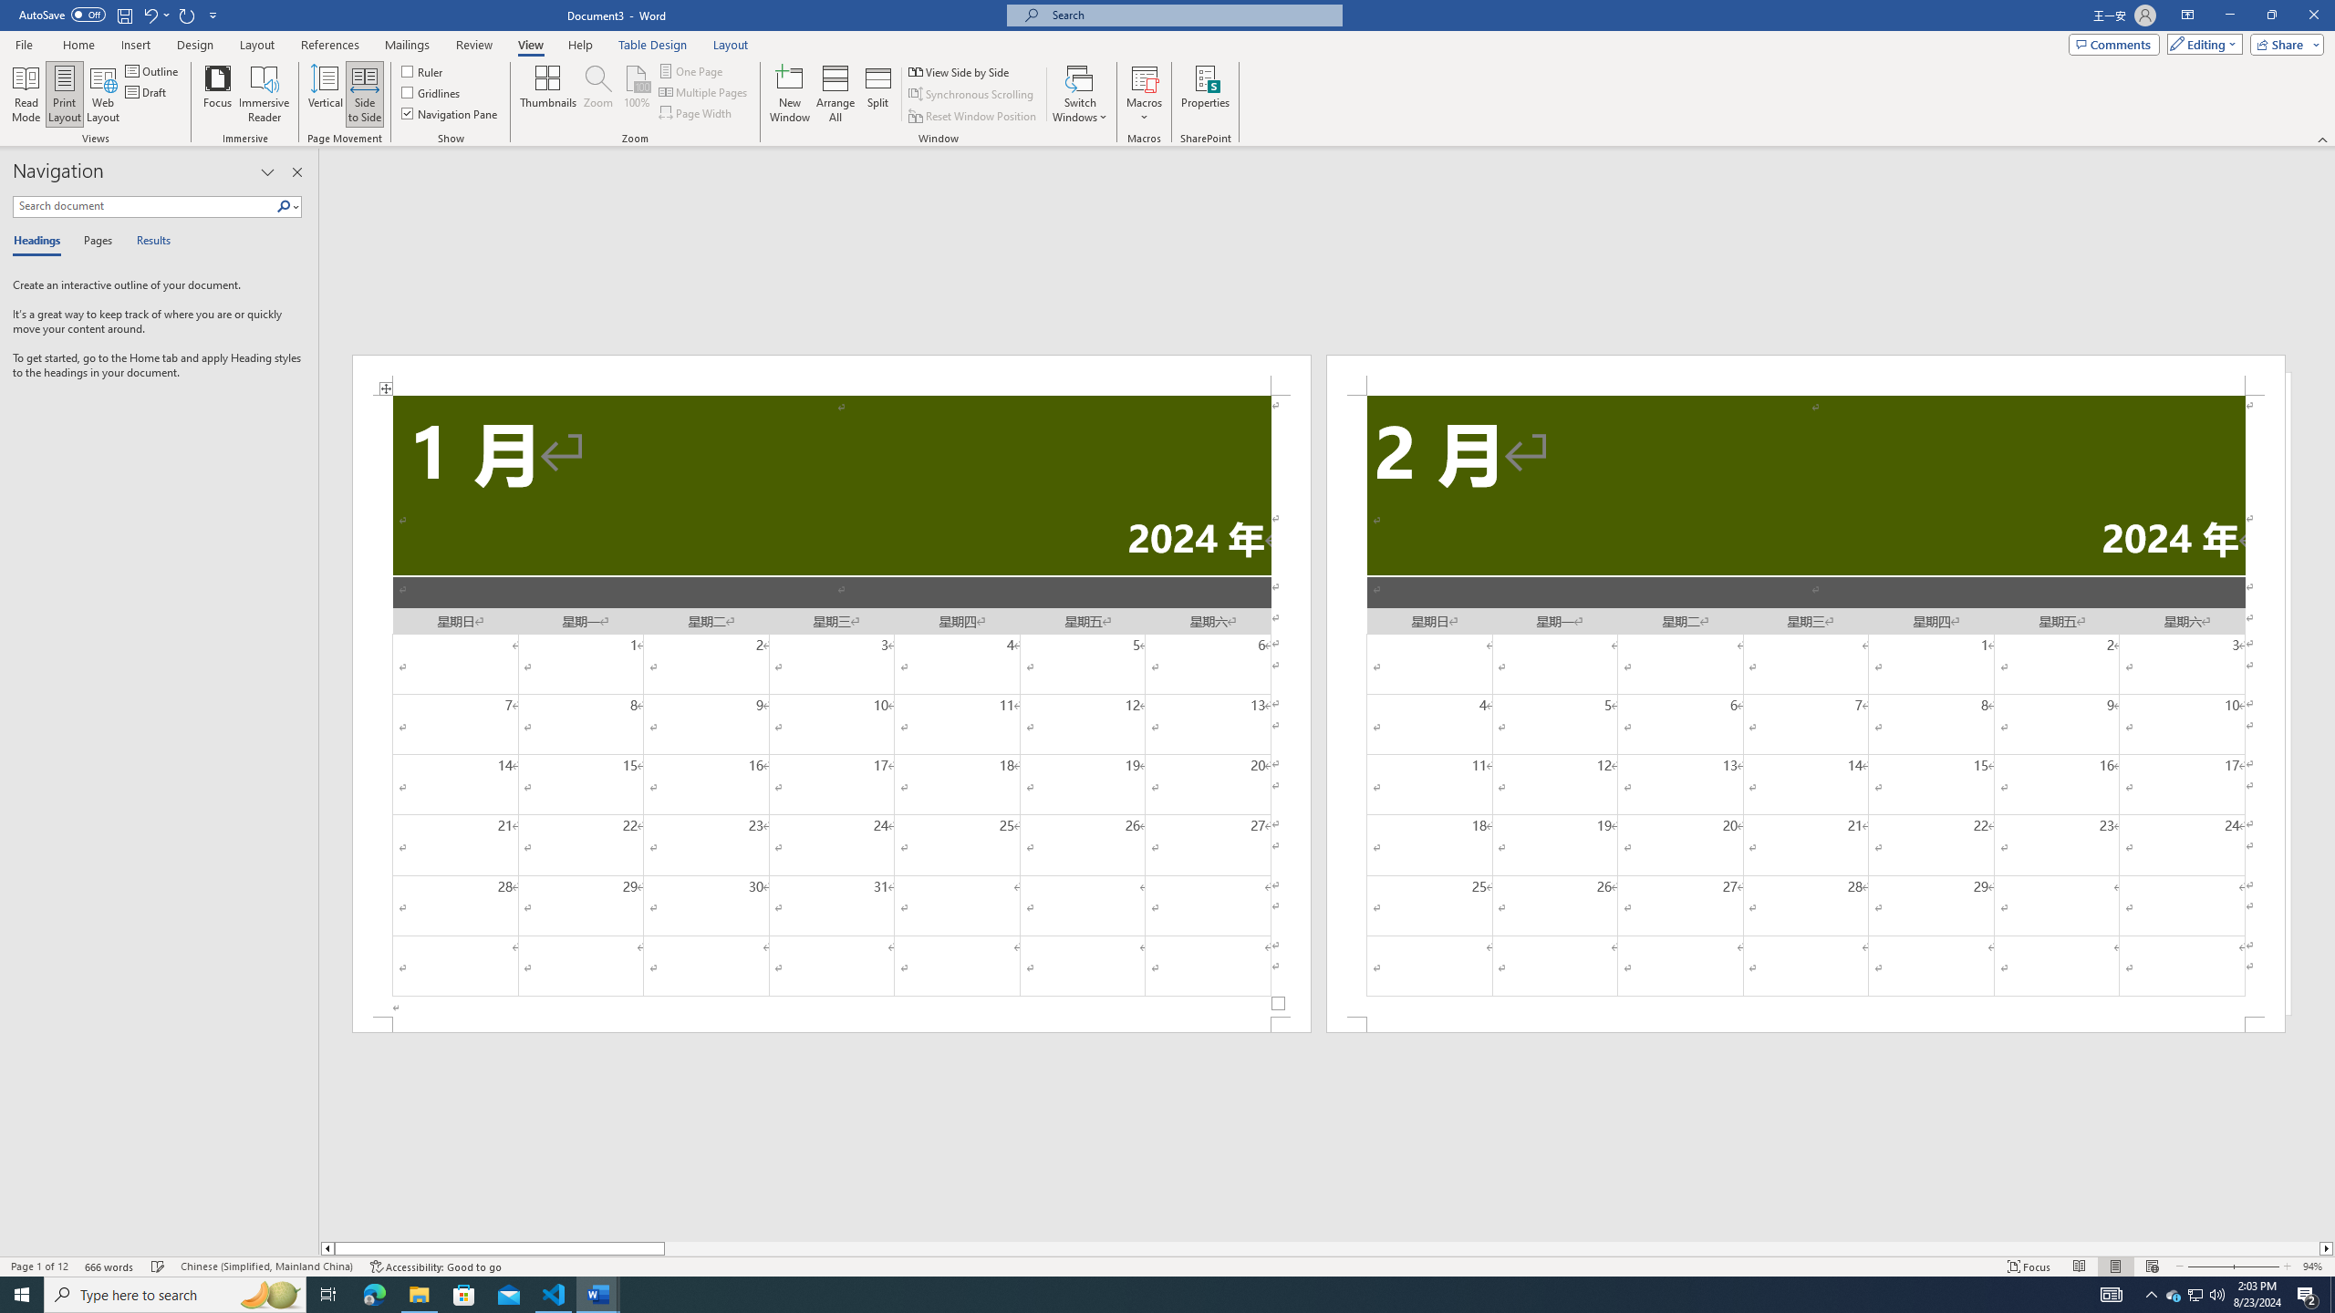 The height and width of the screenshot is (1313, 2335). What do you see at coordinates (38, 1266) in the screenshot?
I see `'Page Number Page 1 of 12'` at bounding box center [38, 1266].